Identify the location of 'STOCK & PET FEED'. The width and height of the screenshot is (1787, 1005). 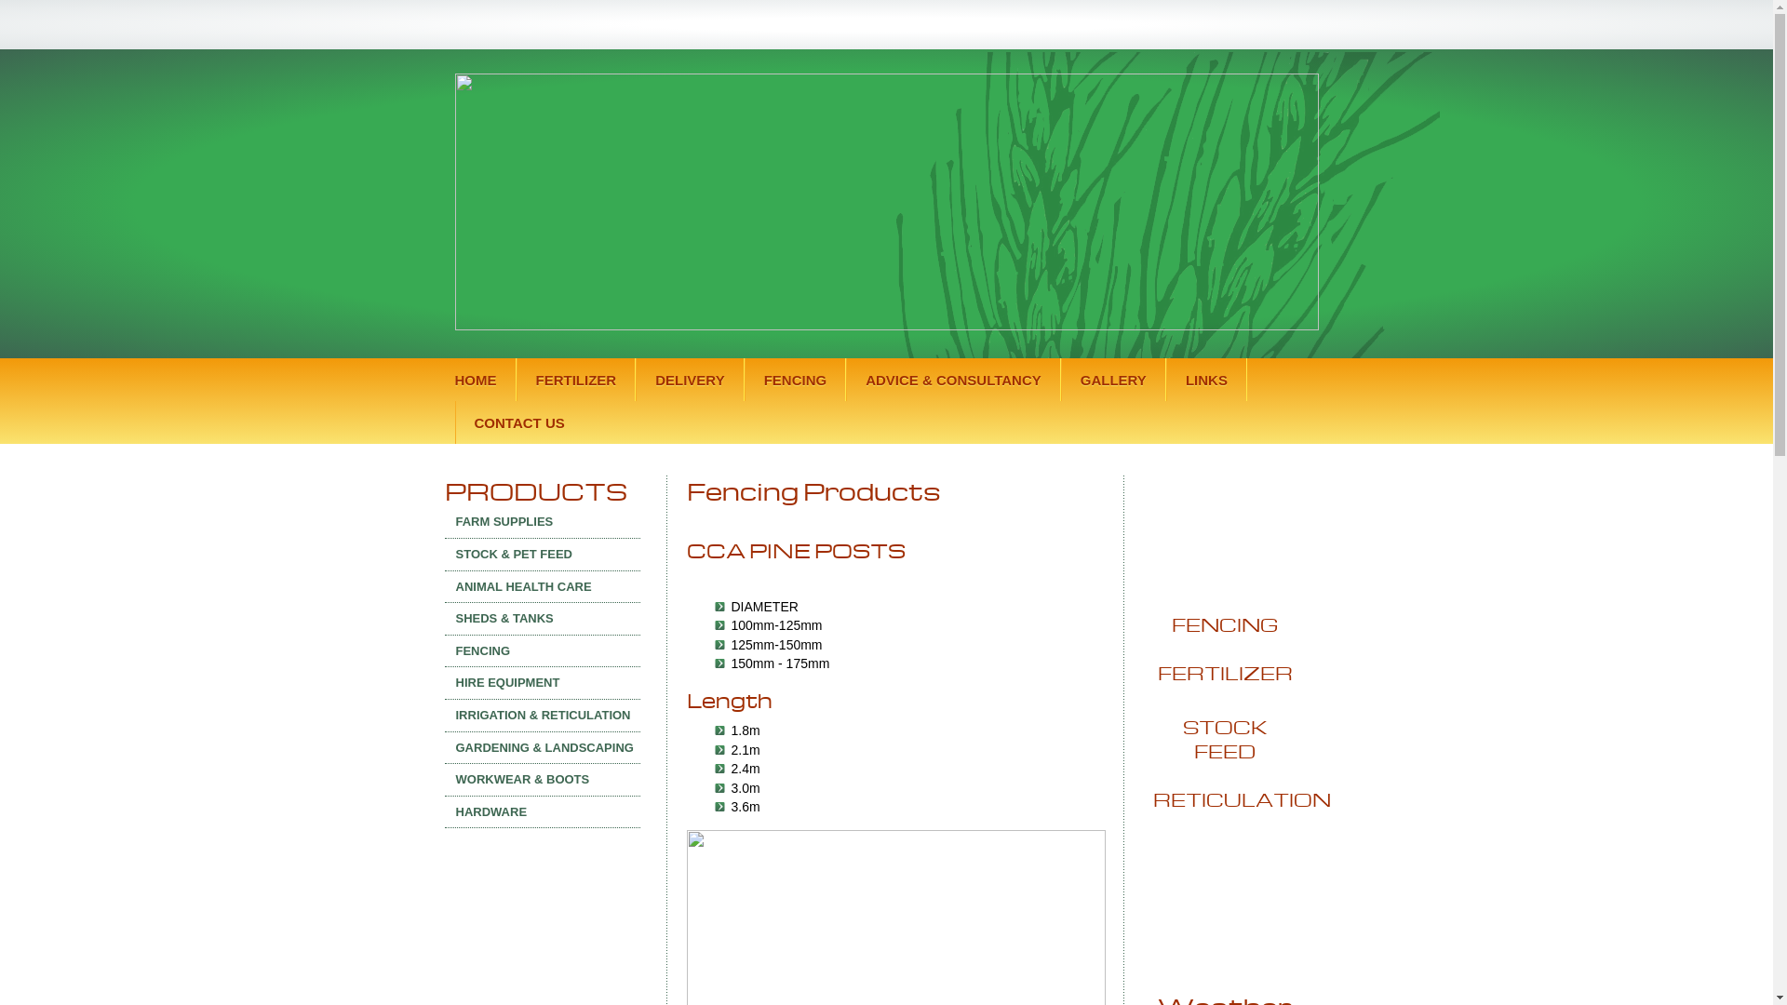
(444, 554).